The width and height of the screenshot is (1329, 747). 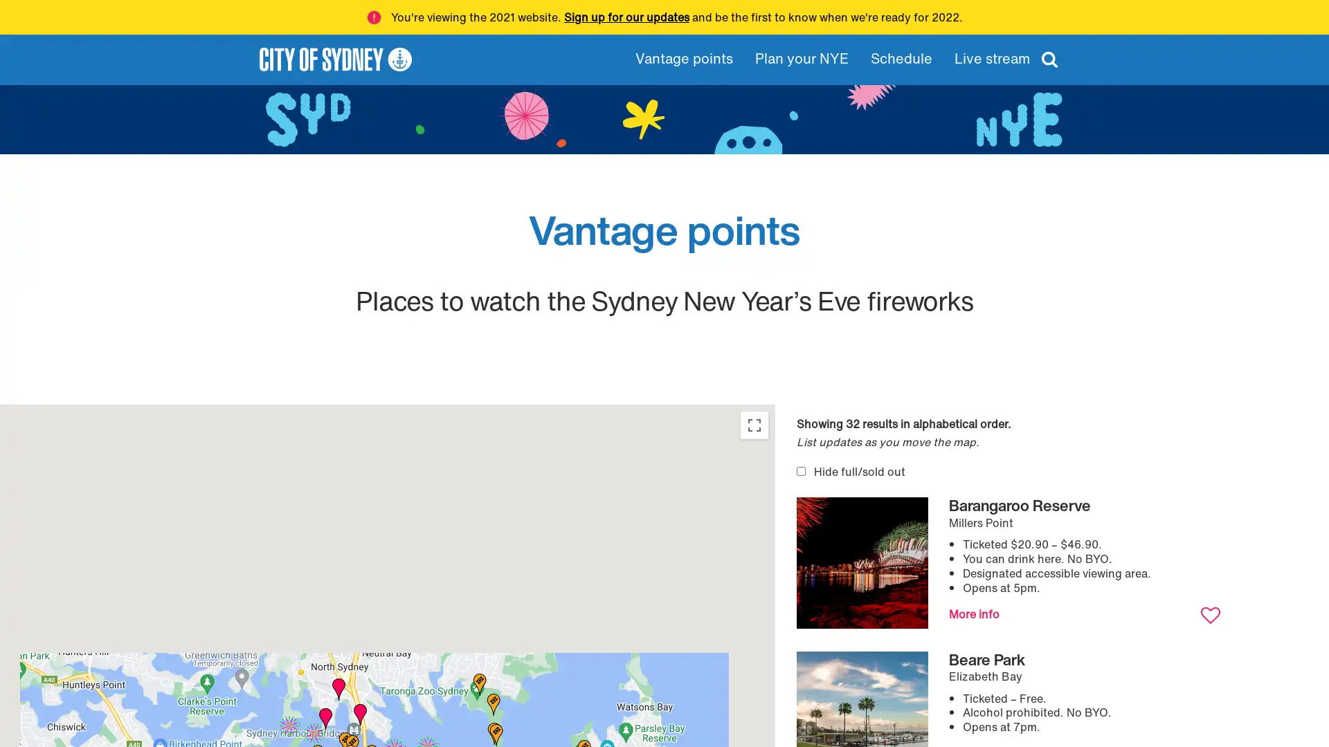 I want to click on Toggle fullscreen view, so click(x=753, y=445).